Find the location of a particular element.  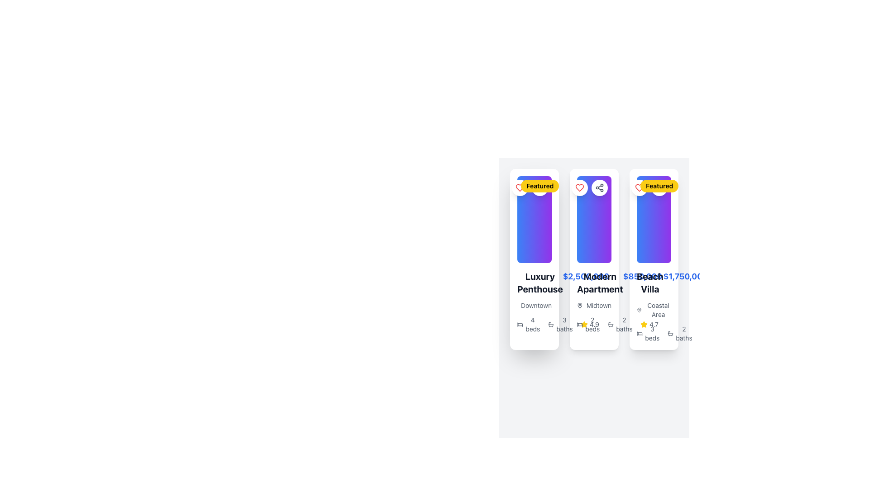

the favorite or bookmark toggle icon in the top-right corner of the 'Beach Villa' card is located at coordinates (580, 187).